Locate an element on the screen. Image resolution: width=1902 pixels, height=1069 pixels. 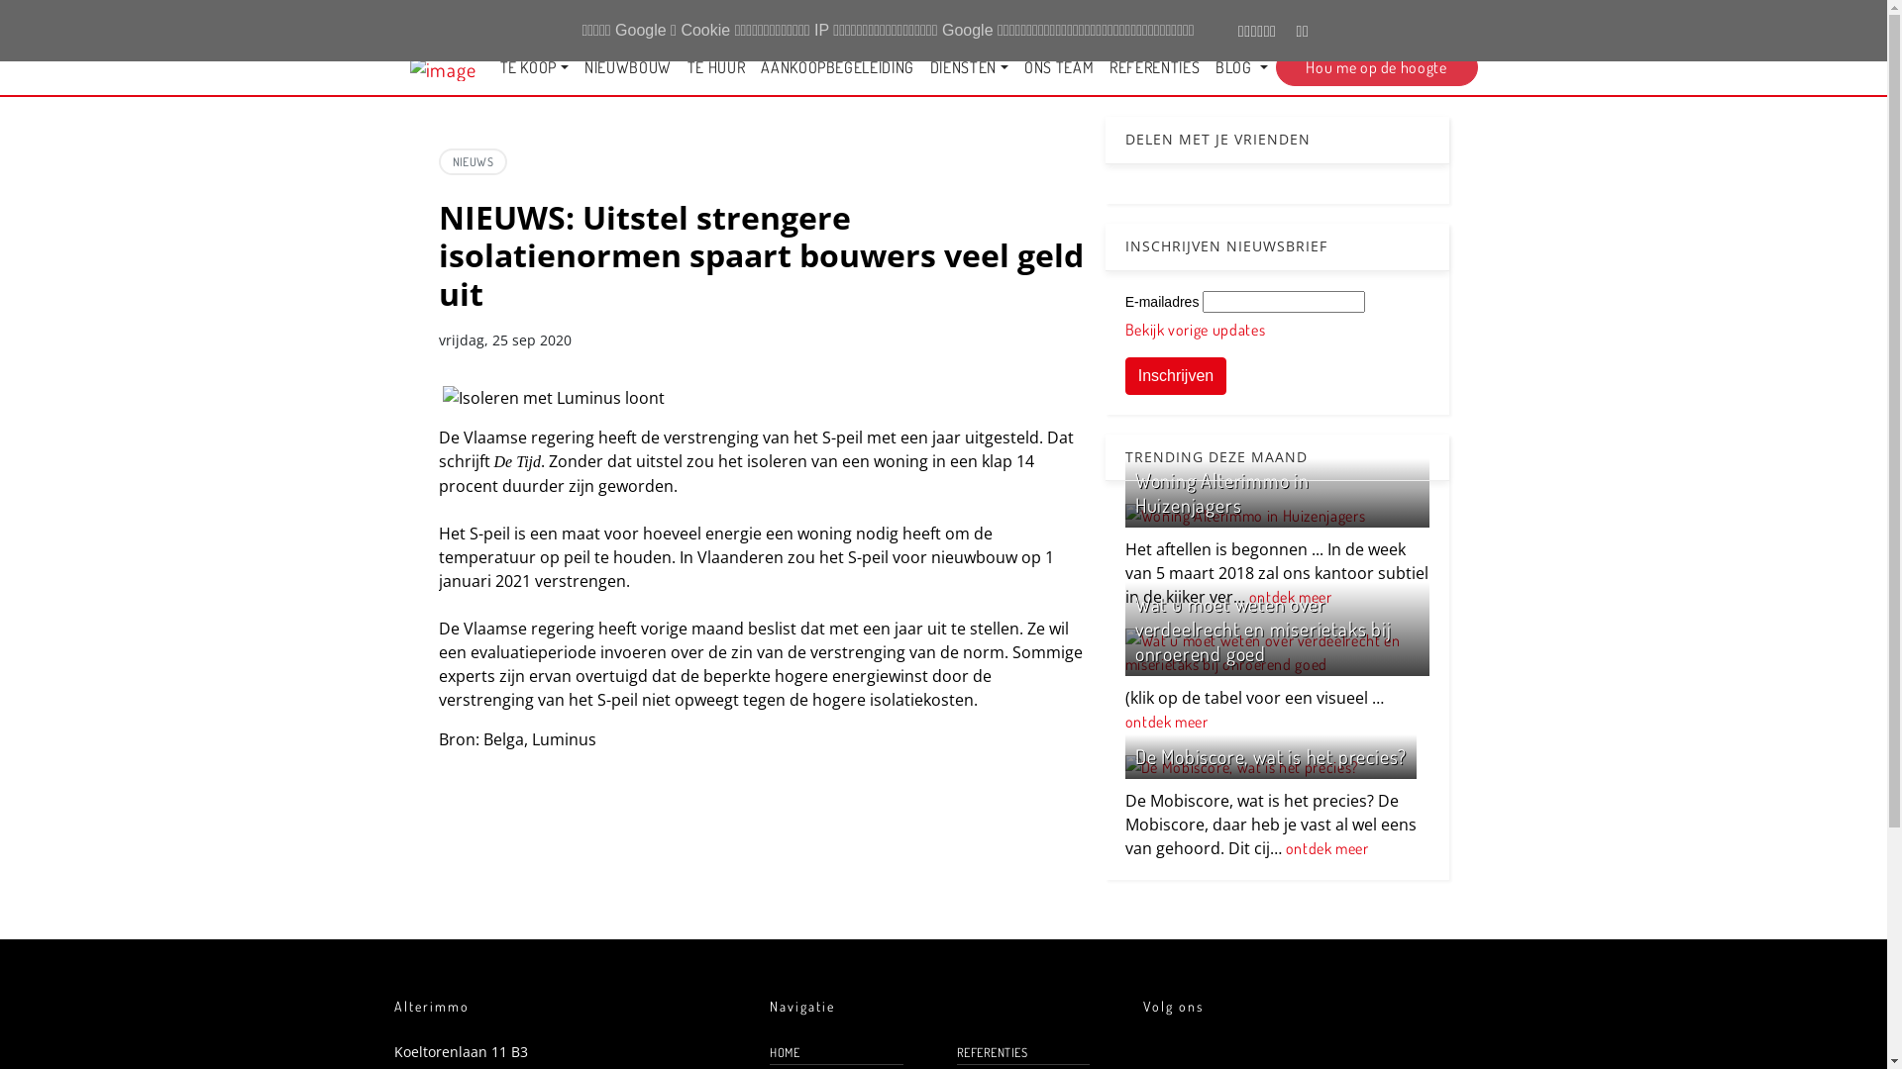
'Bekijk vorige updates' is located at coordinates (1194, 328).